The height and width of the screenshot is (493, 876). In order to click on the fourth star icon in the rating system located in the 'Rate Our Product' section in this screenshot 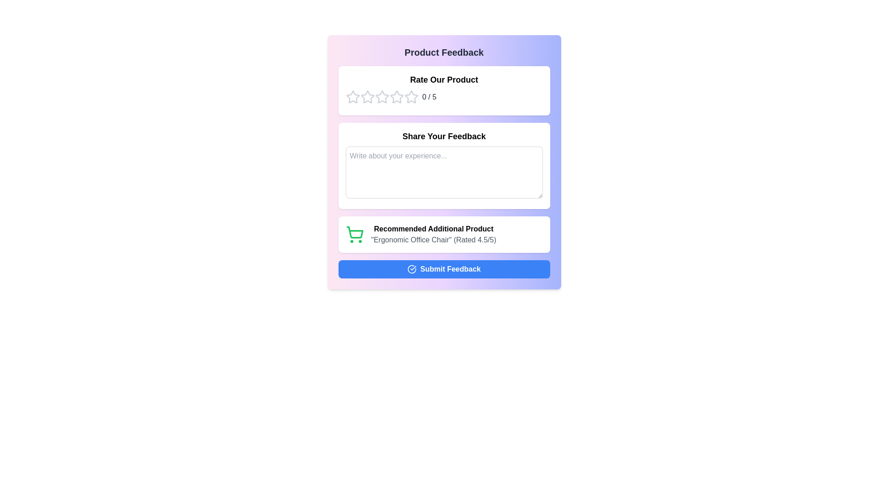, I will do `click(396, 97)`.